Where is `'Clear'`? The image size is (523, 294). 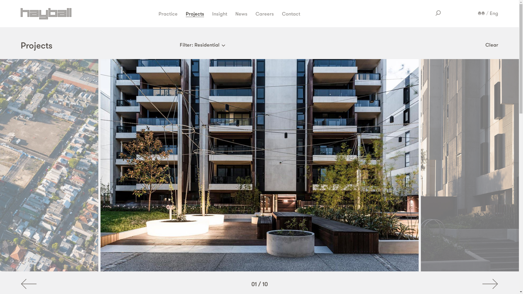
'Clear' is located at coordinates (492, 44).